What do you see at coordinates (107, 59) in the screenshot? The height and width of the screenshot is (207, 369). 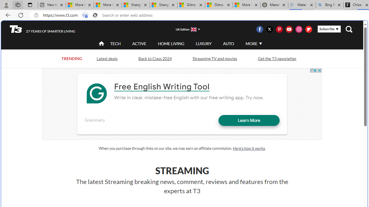 I see `'Latest deals'` at bounding box center [107, 59].